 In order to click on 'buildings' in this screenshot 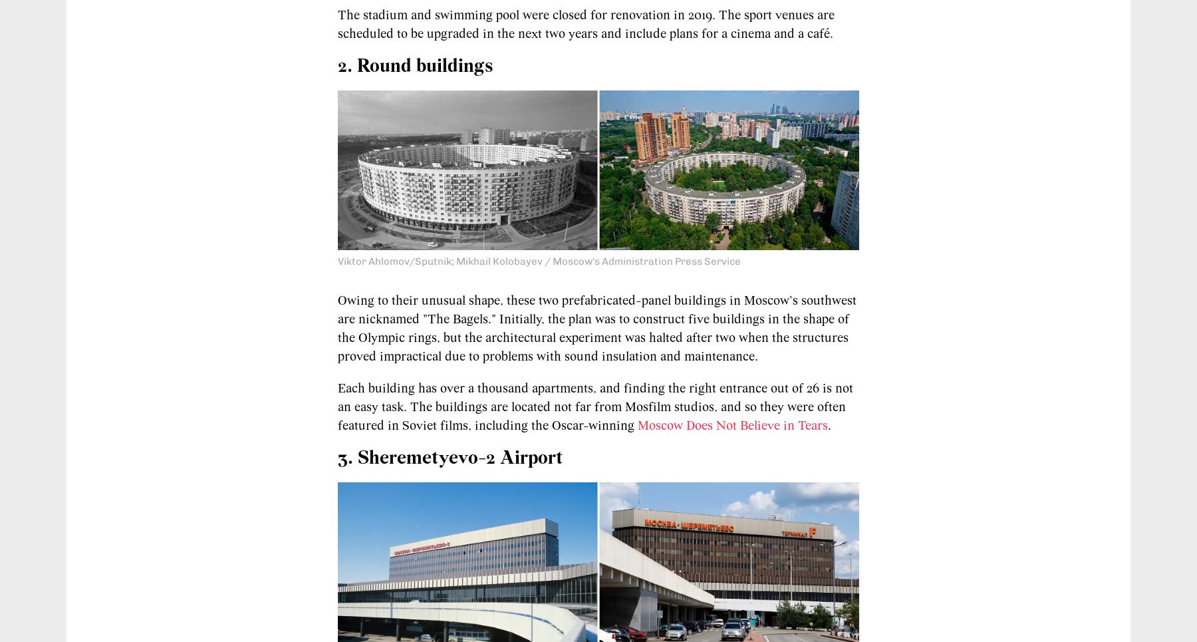, I will do `click(454, 65)`.